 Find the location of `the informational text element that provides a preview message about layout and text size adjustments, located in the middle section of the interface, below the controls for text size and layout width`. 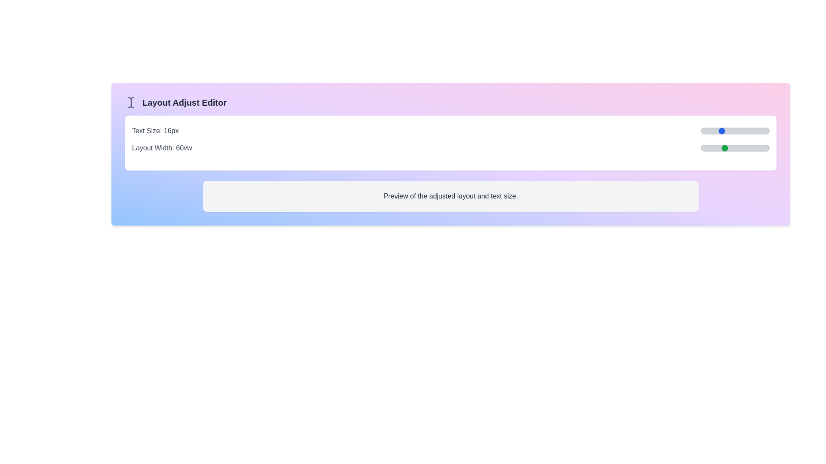

the informational text element that provides a preview message about layout and text size adjustments, located in the middle section of the interface, below the controls for text size and layout width is located at coordinates (450, 196).